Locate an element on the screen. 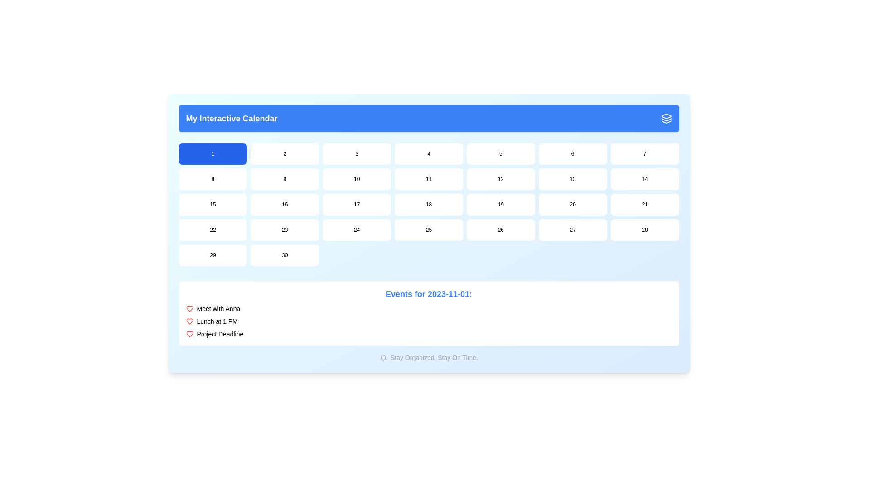 The width and height of the screenshot is (870, 489). the interactive calendar day button for the date '9' is located at coordinates (284, 179).